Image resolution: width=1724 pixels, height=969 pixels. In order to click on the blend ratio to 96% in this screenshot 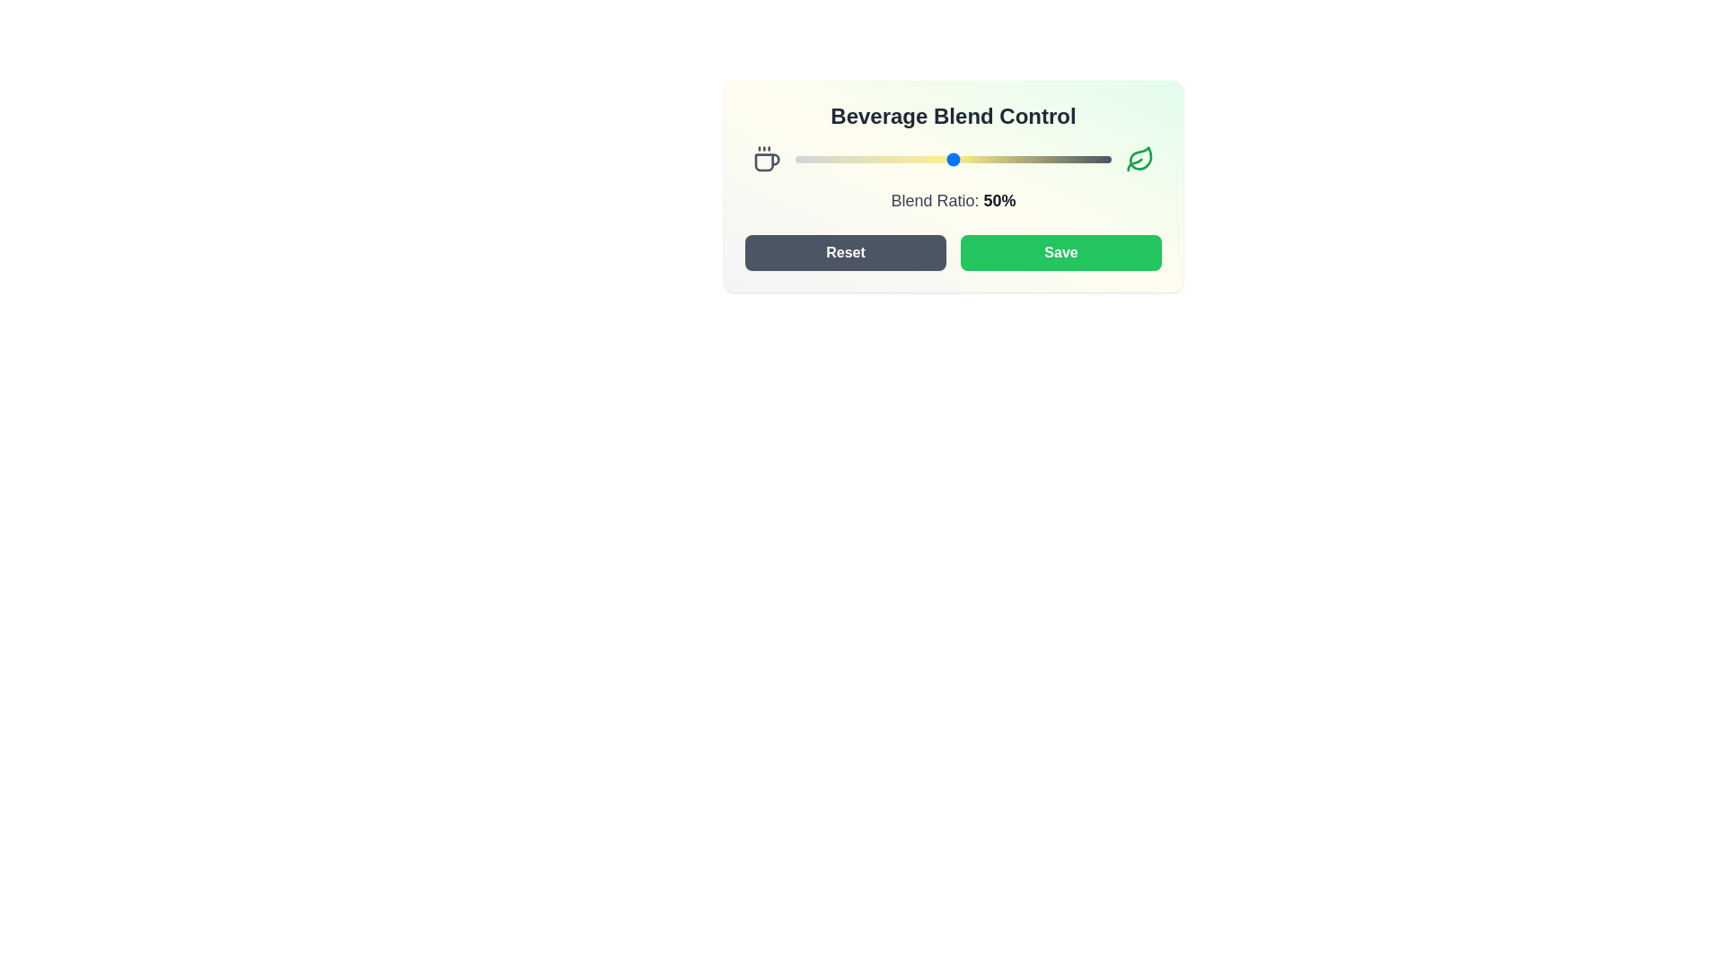, I will do `click(1098, 158)`.